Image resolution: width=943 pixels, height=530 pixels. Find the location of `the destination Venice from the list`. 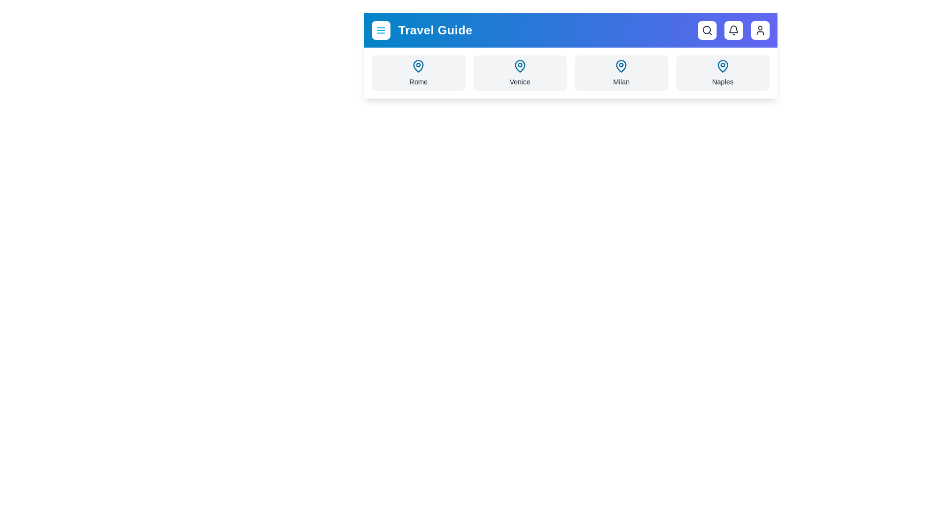

the destination Venice from the list is located at coordinates (519, 73).